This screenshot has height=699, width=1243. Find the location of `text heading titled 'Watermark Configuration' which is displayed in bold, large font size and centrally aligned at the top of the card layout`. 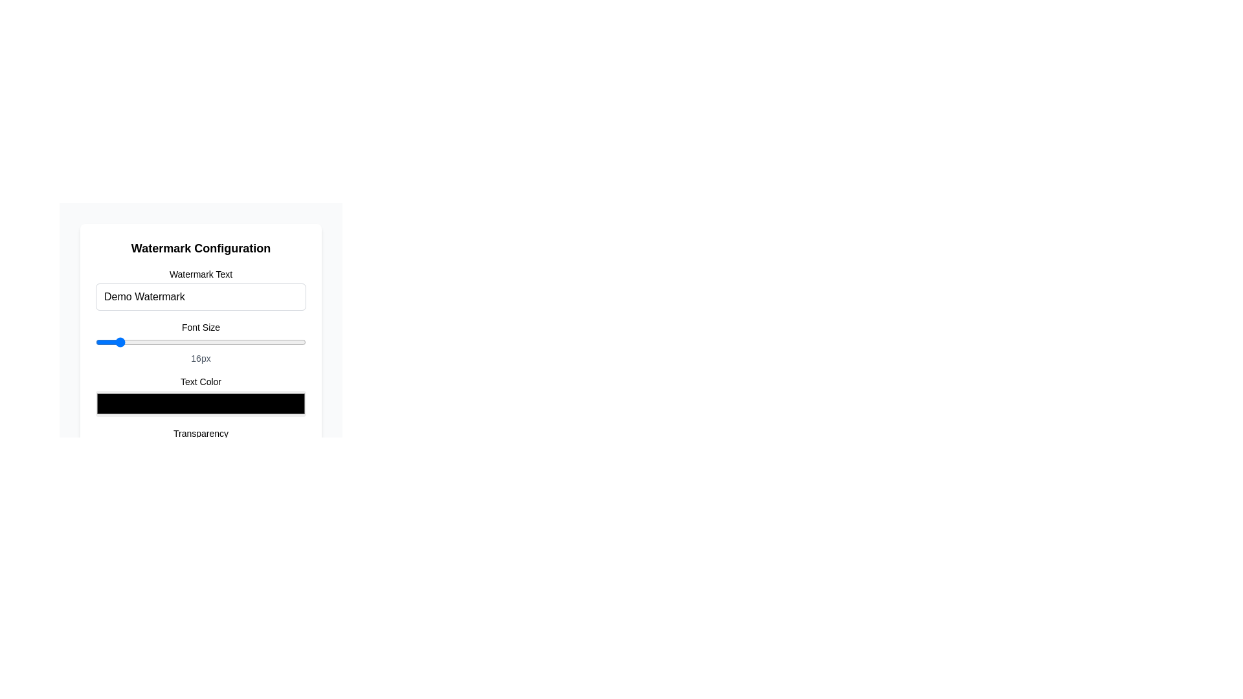

text heading titled 'Watermark Configuration' which is displayed in bold, large font size and centrally aligned at the top of the card layout is located at coordinates (200, 249).